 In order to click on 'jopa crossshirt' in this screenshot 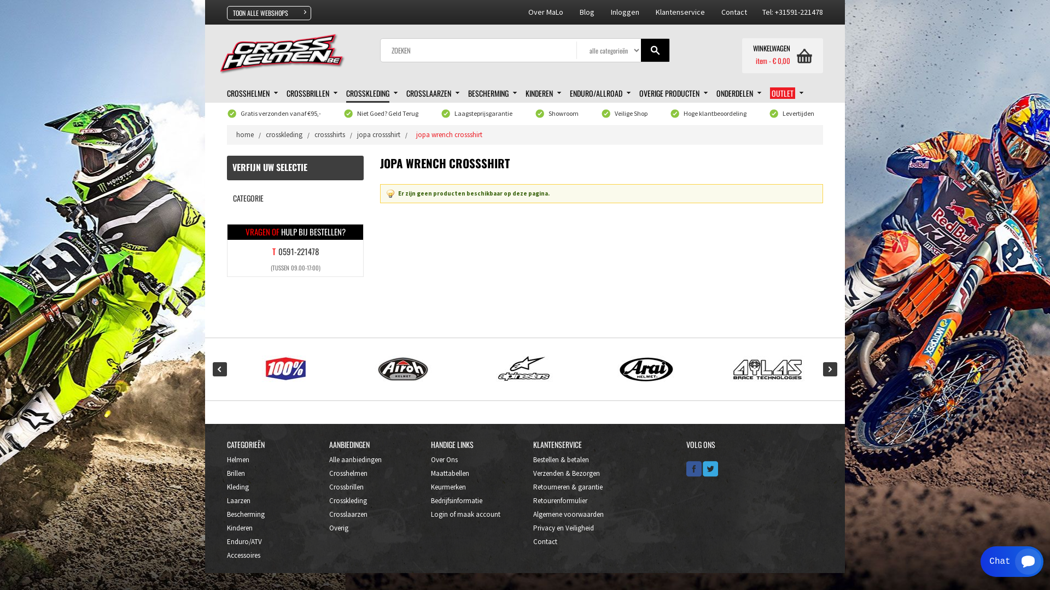, I will do `click(378, 134)`.